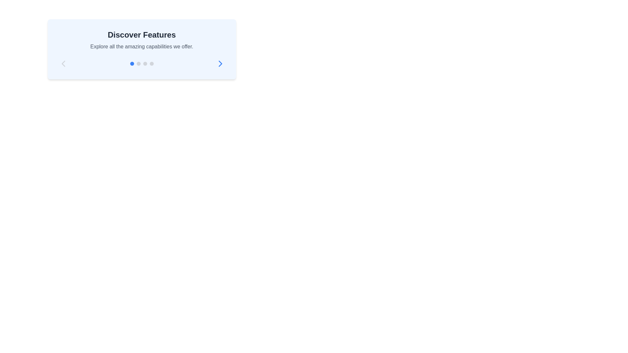  What do you see at coordinates (151, 64) in the screenshot?
I see `the fourth gray-colored circular Indicator dot element, which is horizontally aligned beneath the text section` at bounding box center [151, 64].